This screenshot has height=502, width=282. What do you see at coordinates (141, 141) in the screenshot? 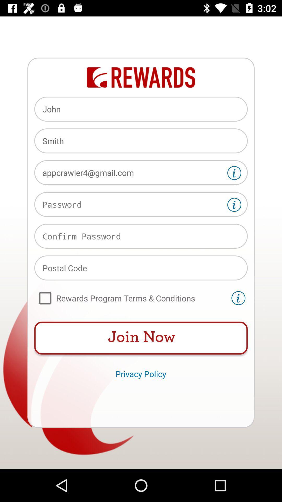
I see `the item above appcrawler4@gmail.com` at bounding box center [141, 141].